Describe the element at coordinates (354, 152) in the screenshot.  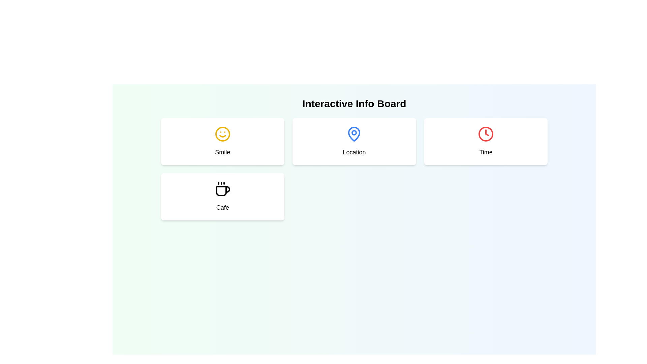
I see `the text label displaying 'Location', which is positioned centrally beneath the map pin icon in the second column of the top row in the card grid` at that location.